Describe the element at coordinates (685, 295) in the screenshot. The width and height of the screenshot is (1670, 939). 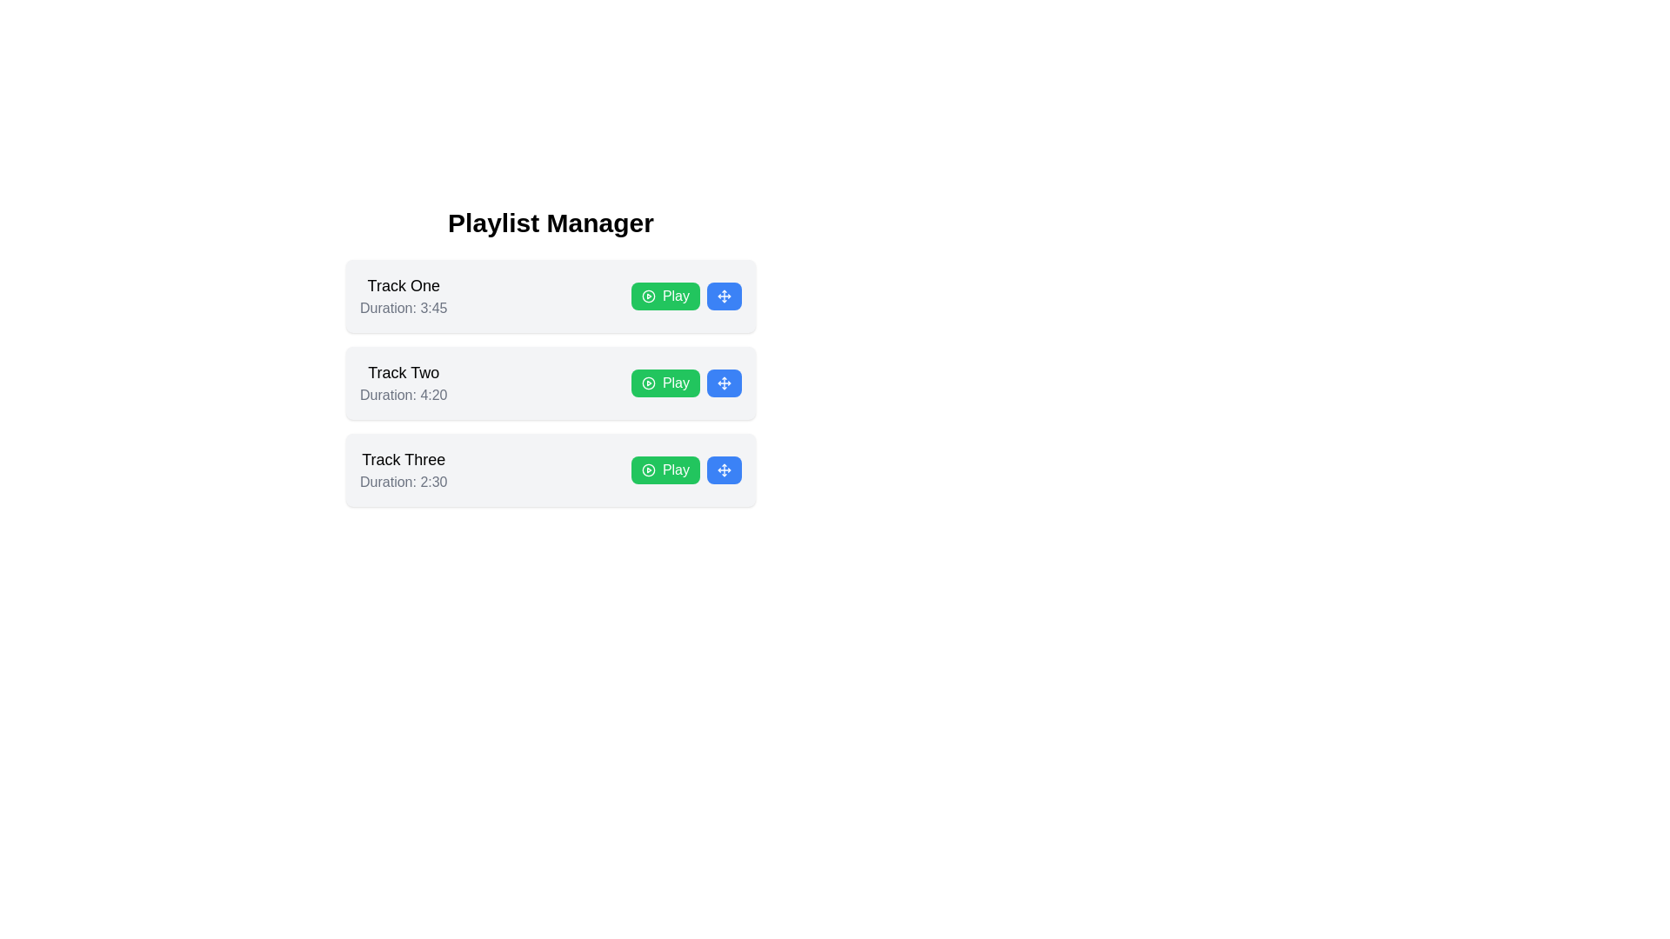
I see `the green 'Play' button with rounded corners and white text to play the associated media` at that location.